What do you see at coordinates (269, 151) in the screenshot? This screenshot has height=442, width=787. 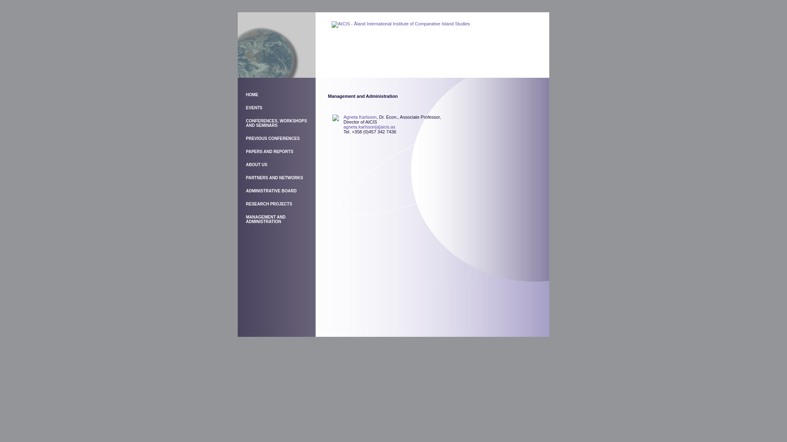 I see `'PAPERS AND REPORTS'` at bounding box center [269, 151].